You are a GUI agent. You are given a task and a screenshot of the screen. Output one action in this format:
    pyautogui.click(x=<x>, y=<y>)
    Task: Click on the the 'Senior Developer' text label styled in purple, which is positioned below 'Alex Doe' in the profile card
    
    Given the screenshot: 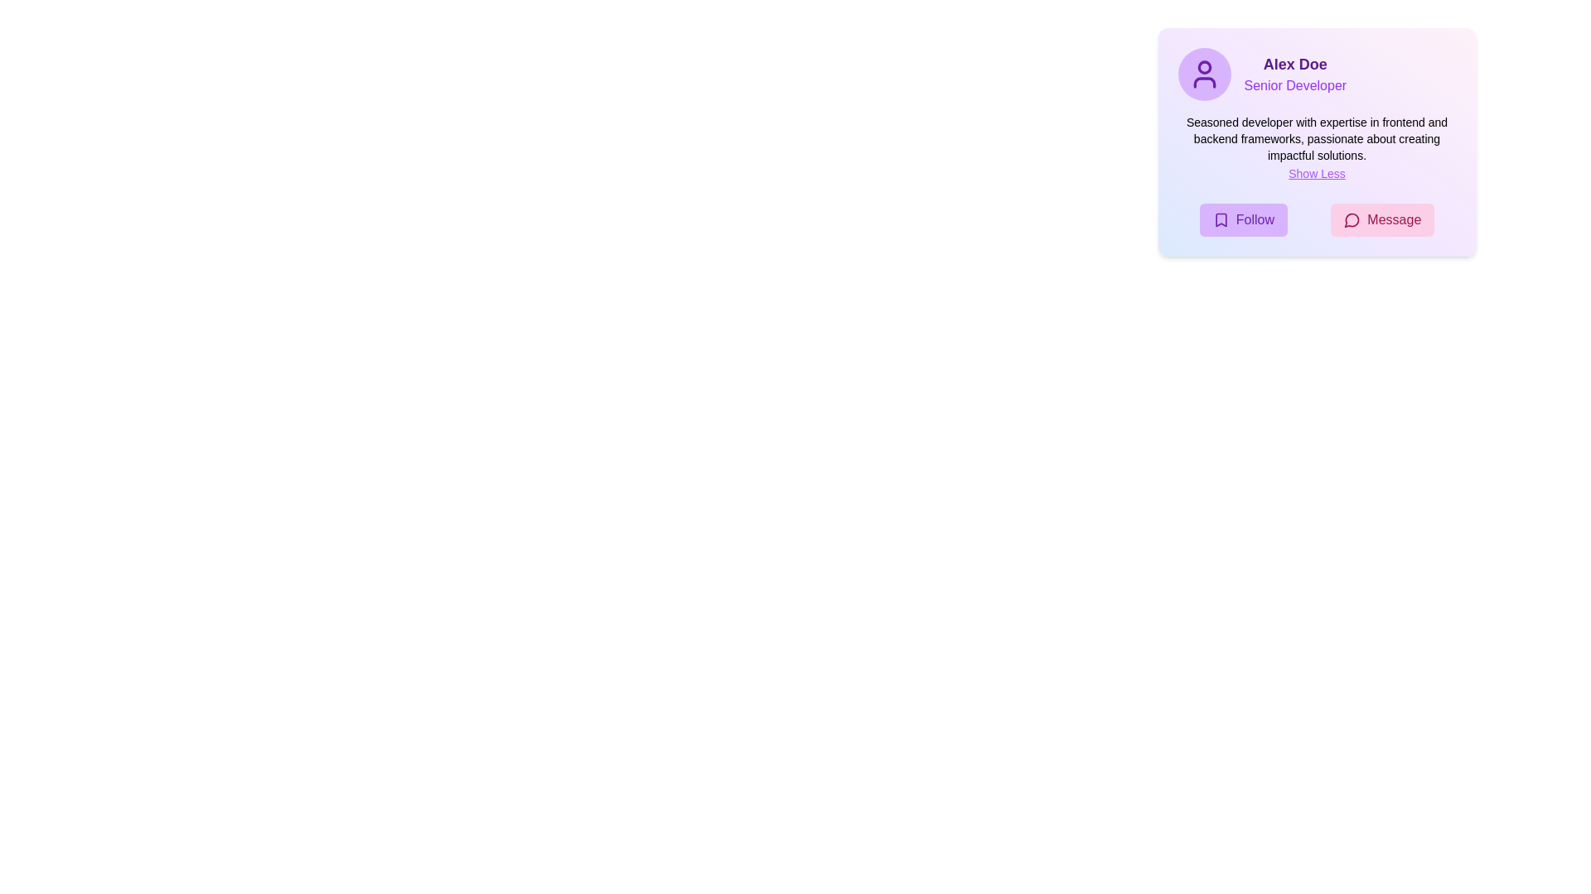 What is the action you would take?
    pyautogui.click(x=1294, y=86)
    